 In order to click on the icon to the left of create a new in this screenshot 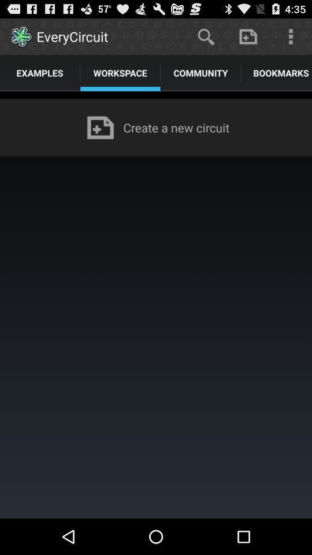, I will do `click(100, 127)`.